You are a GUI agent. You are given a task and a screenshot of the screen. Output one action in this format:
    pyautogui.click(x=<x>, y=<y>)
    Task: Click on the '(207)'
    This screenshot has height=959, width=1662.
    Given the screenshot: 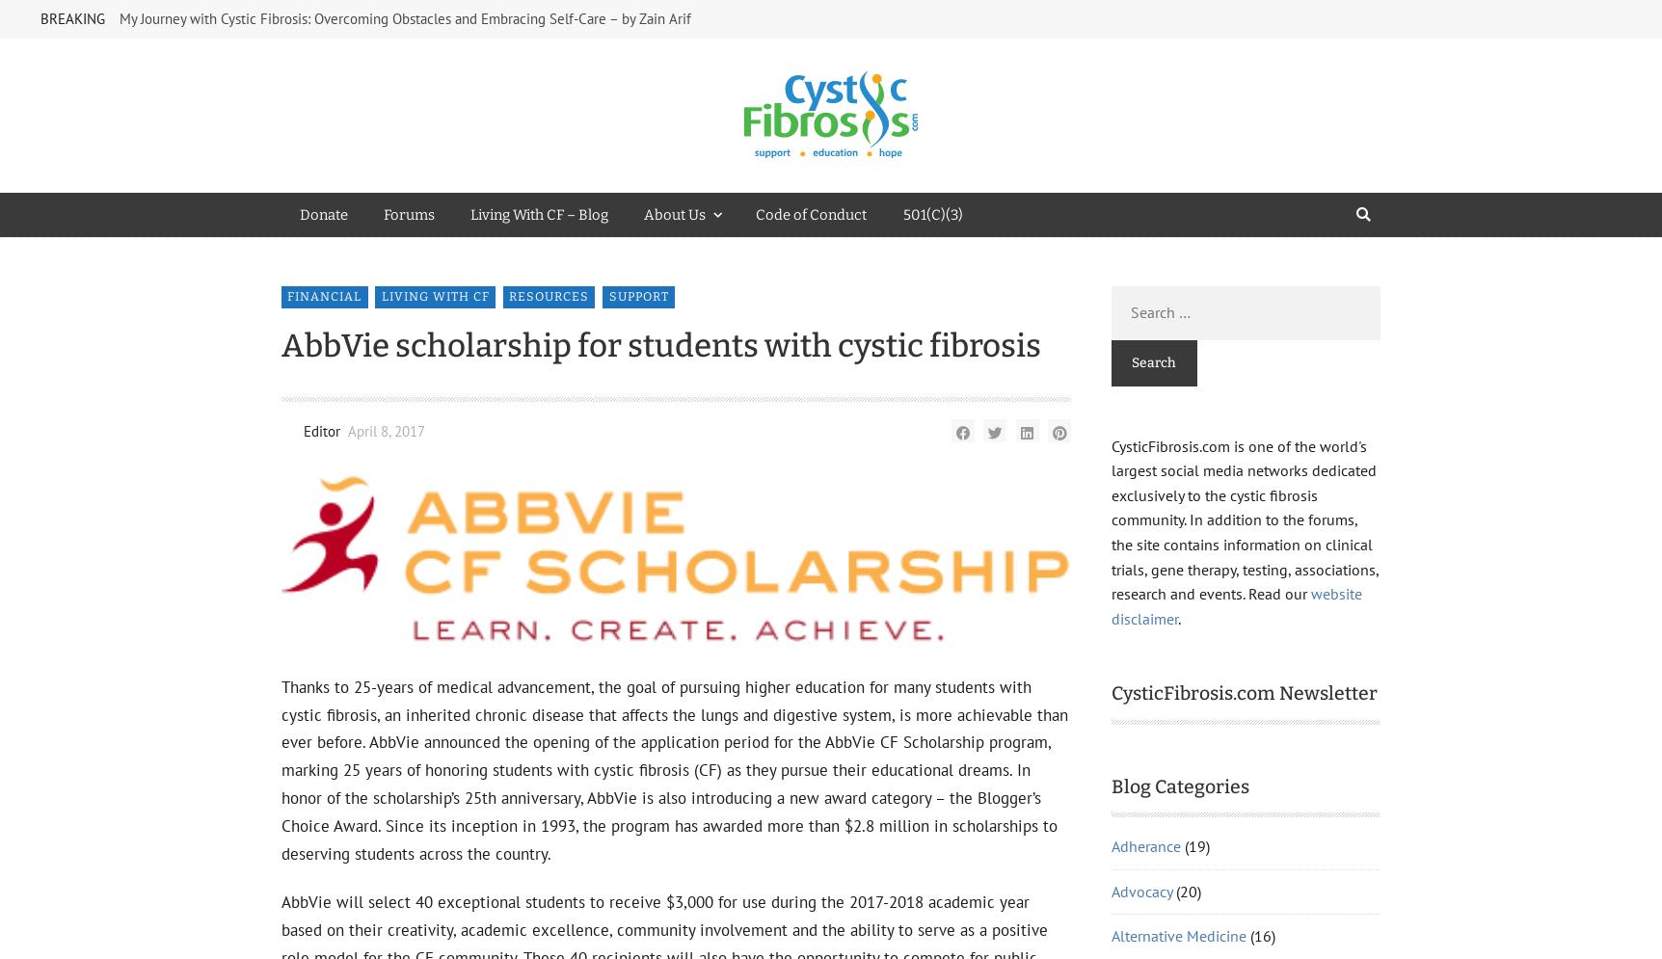 What is the action you would take?
    pyautogui.click(x=1223, y=689)
    